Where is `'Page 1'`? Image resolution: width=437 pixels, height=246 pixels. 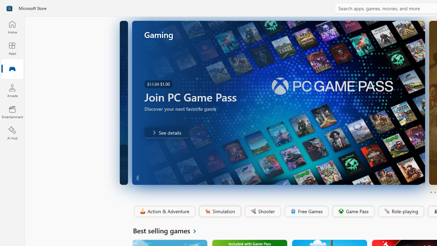 'Page 1' is located at coordinates (431, 192).